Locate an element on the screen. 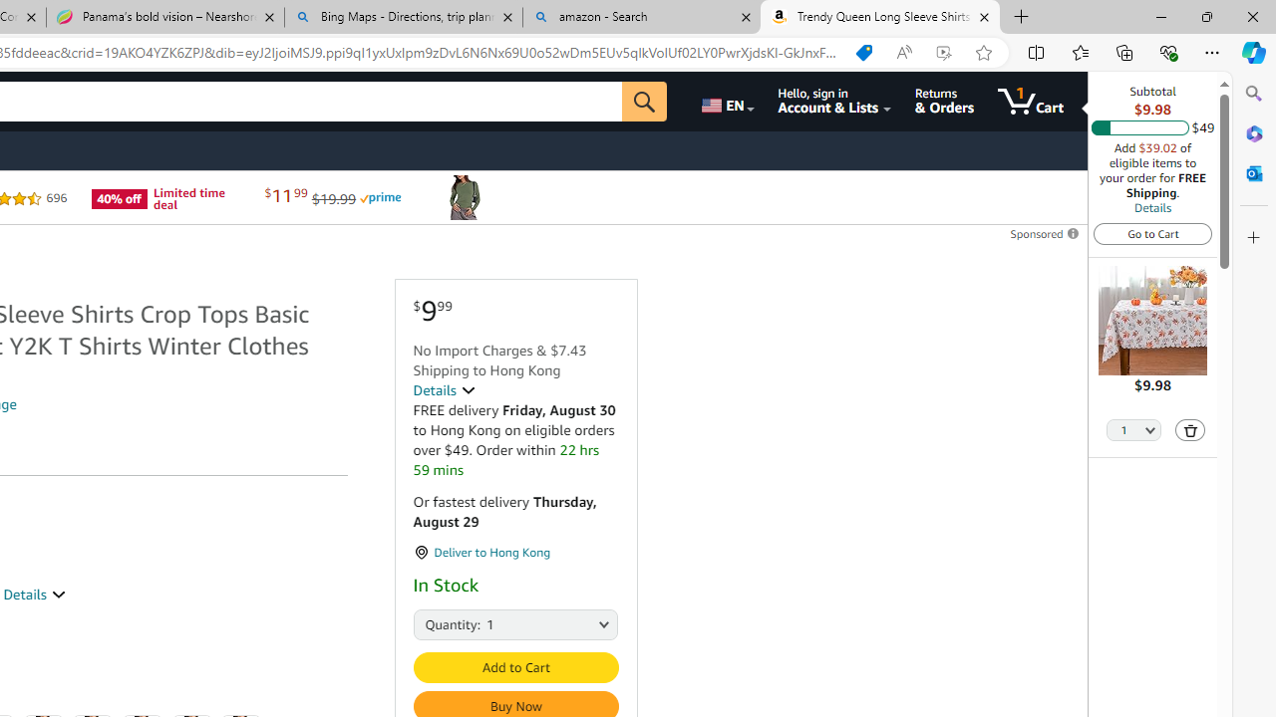 The height and width of the screenshot is (717, 1276). 'Details ' is located at coordinates (443, 390).